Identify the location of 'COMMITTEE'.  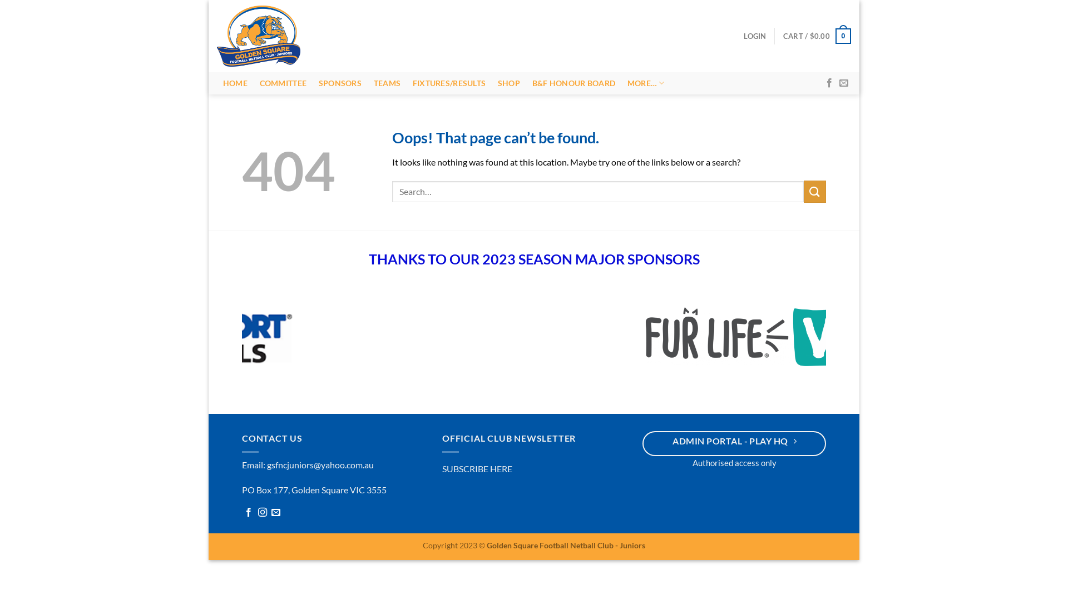
(283, 83).